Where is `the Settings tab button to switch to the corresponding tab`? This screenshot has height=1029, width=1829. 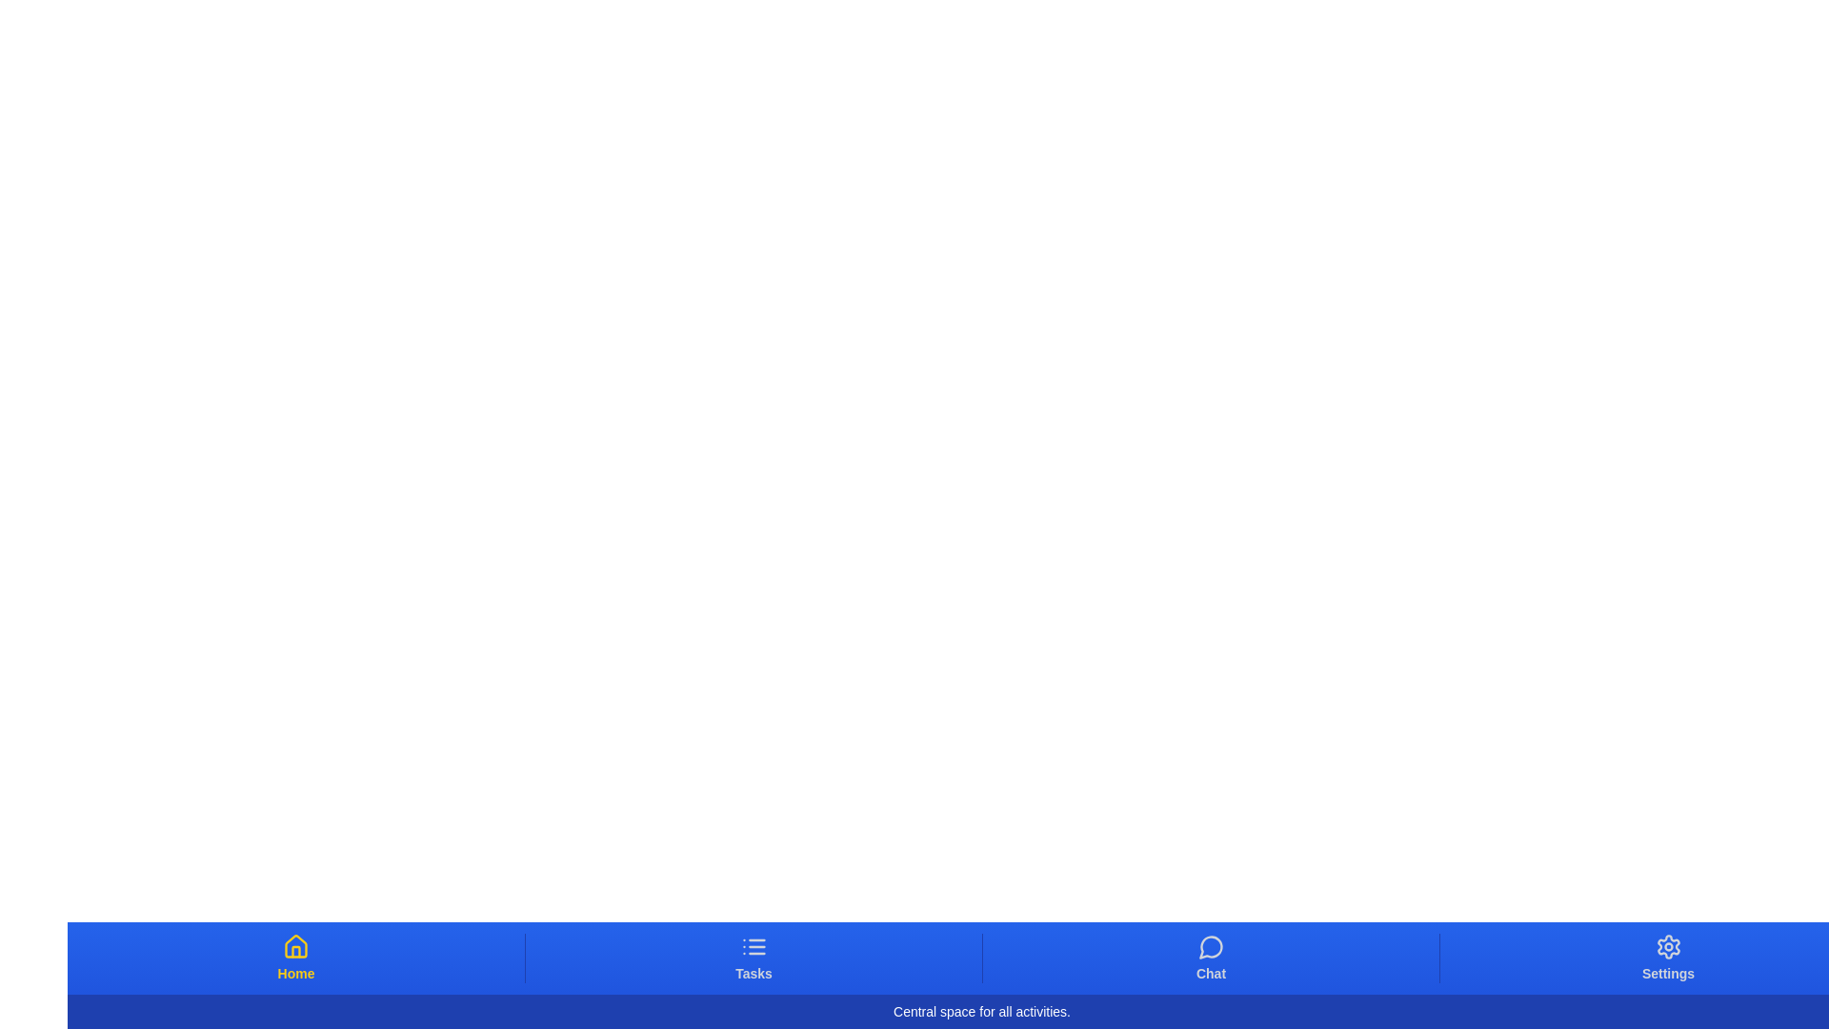 the Settings tab button to switch to the corresponding tab is located at coordinates (1667, 958).